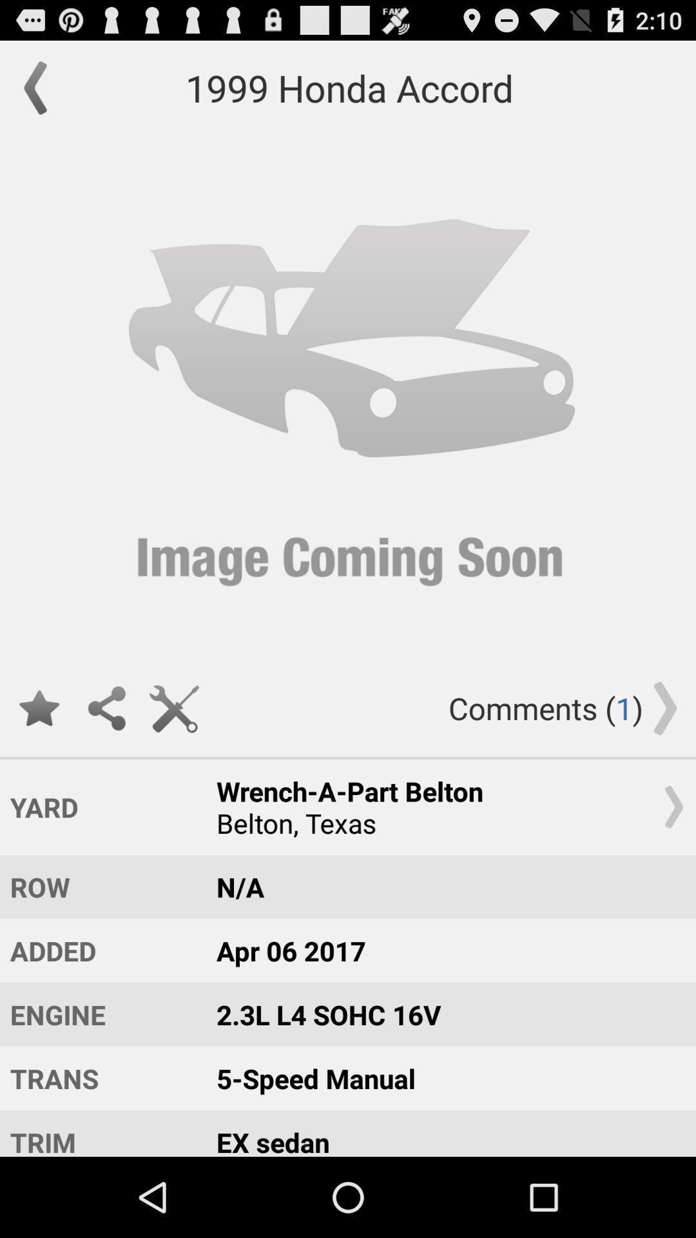  What do you see at coordinates (41, 87) in the screenshot?
I see `go back` at bounding box center [41, 87].